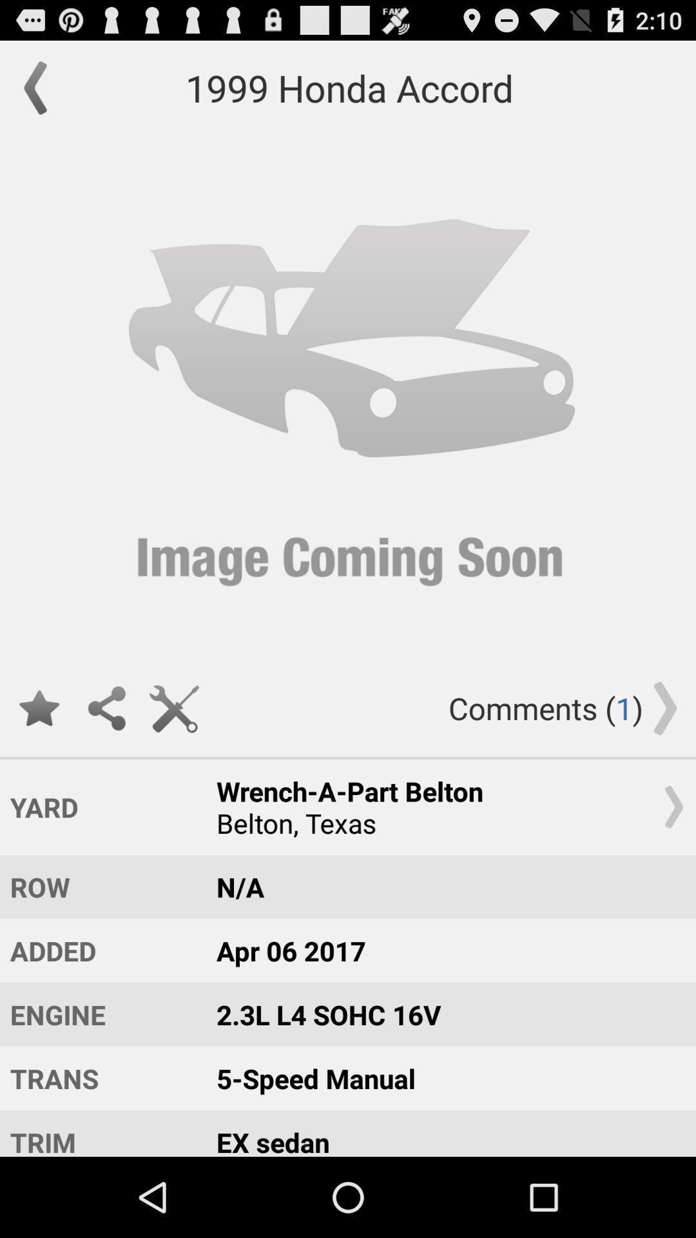  What do you see at coordinates (41, 87) in the screenshot?
I see `go back` at bounding box center [41, 87].